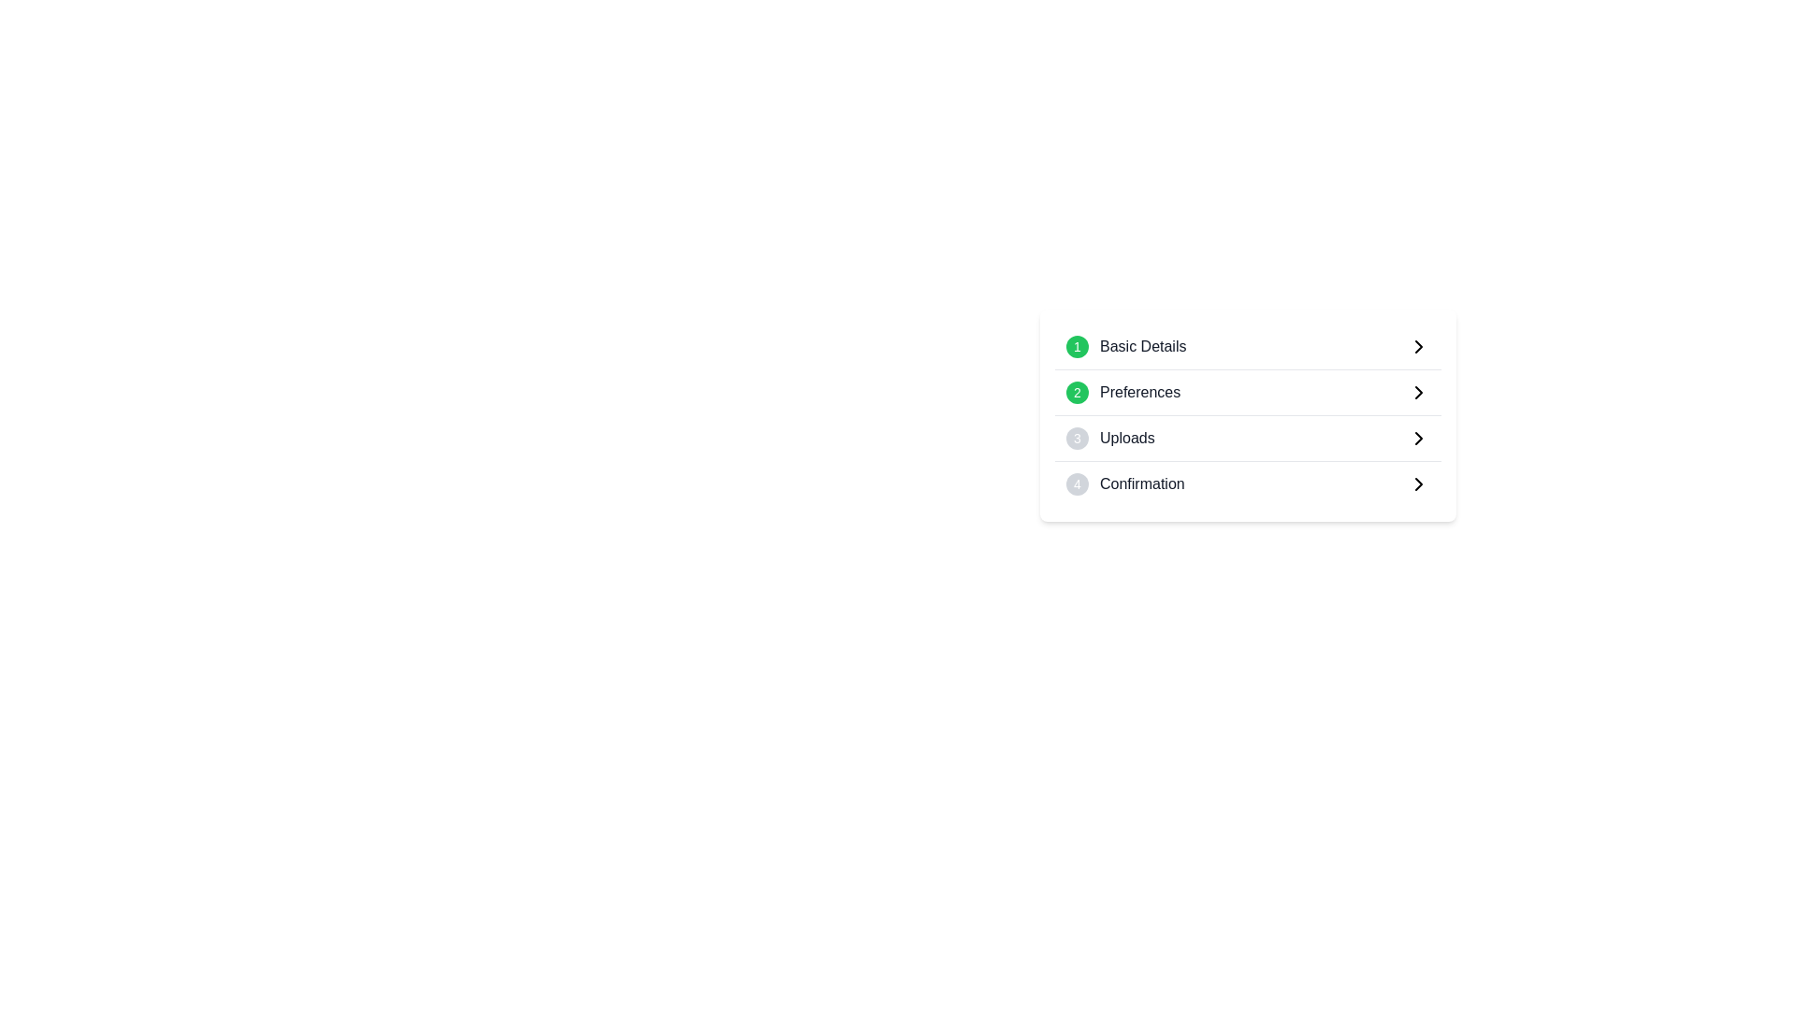 Image resolution: width=1796 pixels, height=1010 pixels. I want to click on the first list item titled 'Basic Details', so click(1248, 347).